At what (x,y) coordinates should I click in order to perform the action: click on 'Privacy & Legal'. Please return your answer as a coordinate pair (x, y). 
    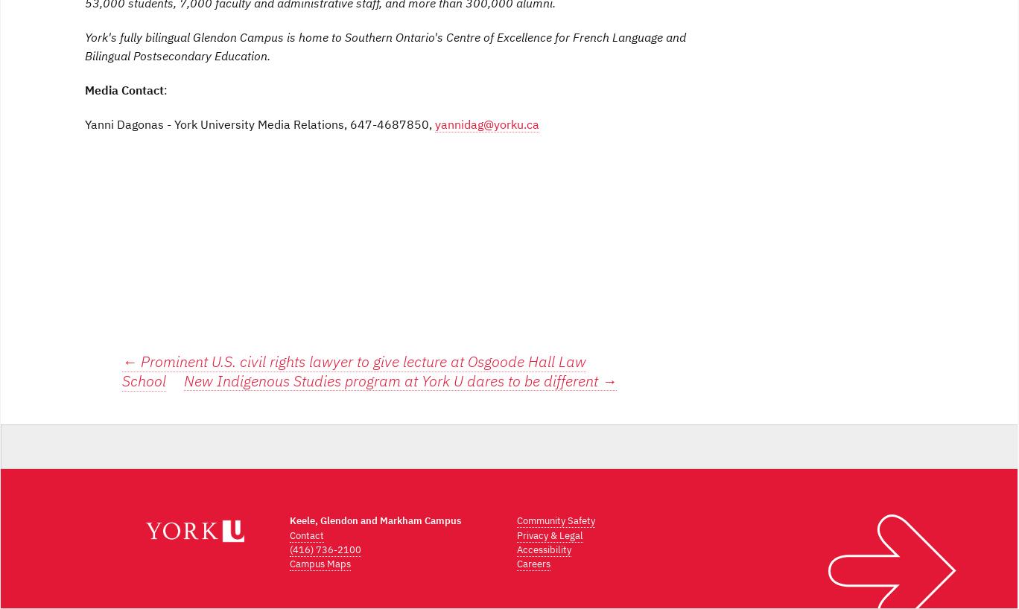
    Looking at the image, I should click on (549, 534).